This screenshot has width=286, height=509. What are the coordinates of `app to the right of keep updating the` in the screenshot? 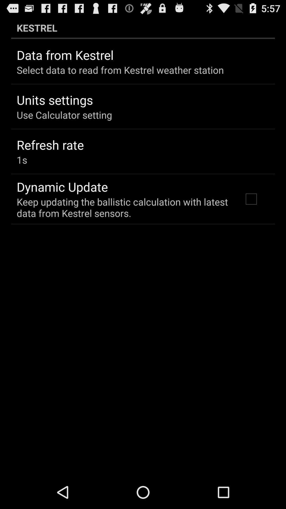 It's located at (251, 199).